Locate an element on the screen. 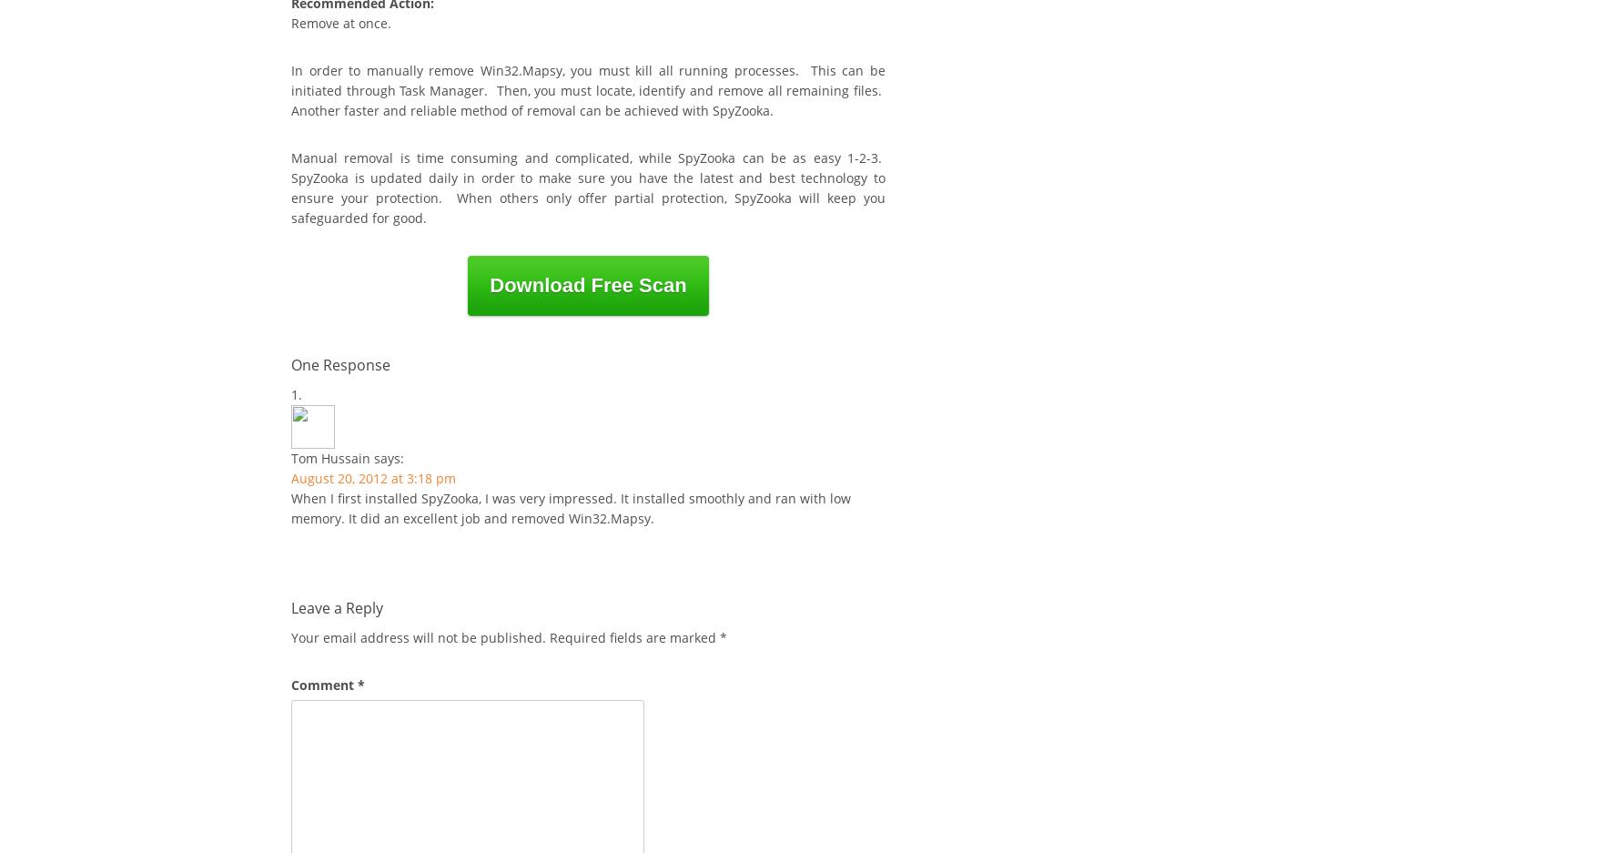 This screenshot has height=853, width=1620. 'Download Free Scan' is located at coordinates (587, 284).